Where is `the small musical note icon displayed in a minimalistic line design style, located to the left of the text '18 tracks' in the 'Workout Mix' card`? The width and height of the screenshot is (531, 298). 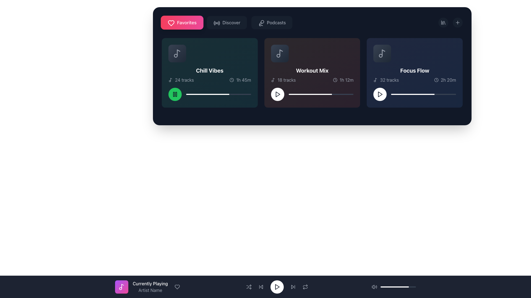 the small musical note icon displayed in a minimalistic line design style, located to the left of the text '18 tracks' in the 'Workout Mix' card is located at coordinates (273, 80).